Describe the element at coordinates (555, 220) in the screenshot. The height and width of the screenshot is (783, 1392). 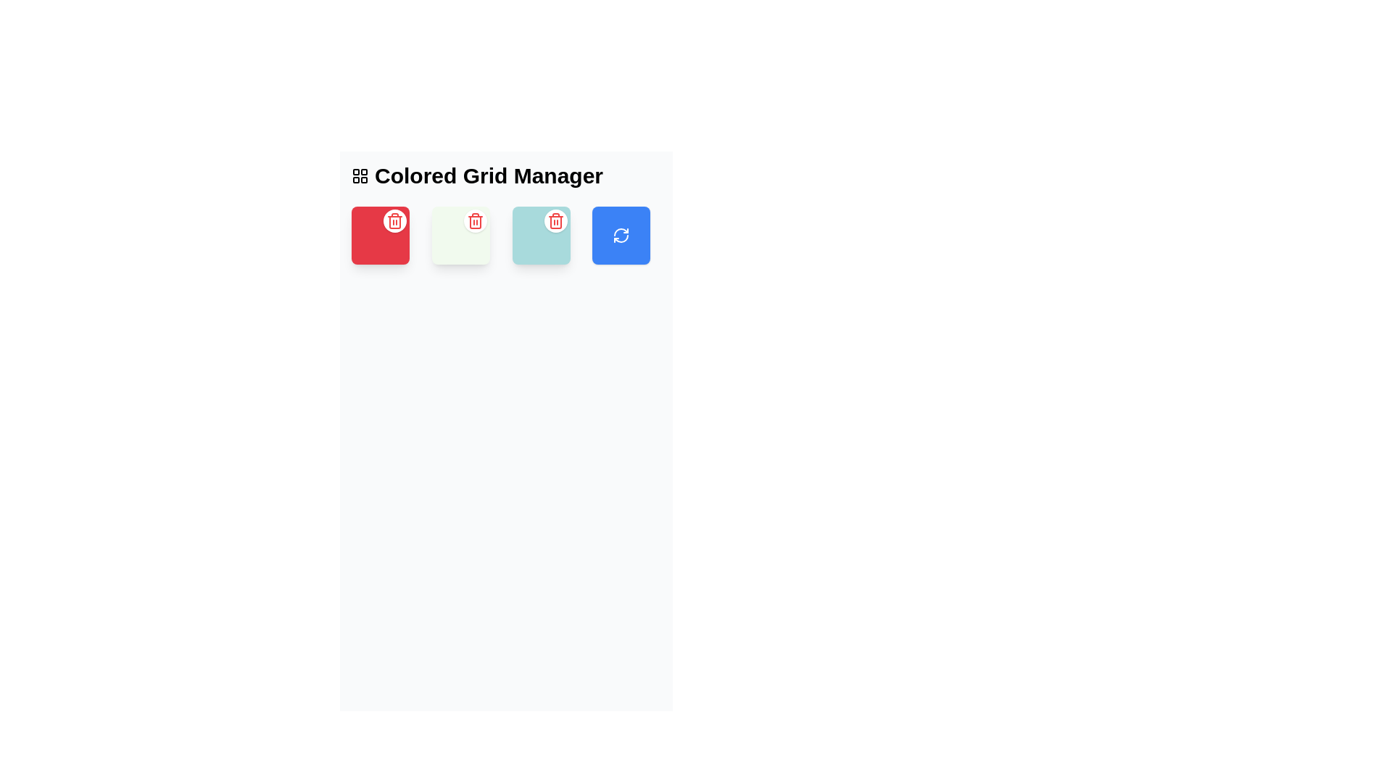
I see `the delete button located at the top-right corner of the third cyan-colored card` at that location.